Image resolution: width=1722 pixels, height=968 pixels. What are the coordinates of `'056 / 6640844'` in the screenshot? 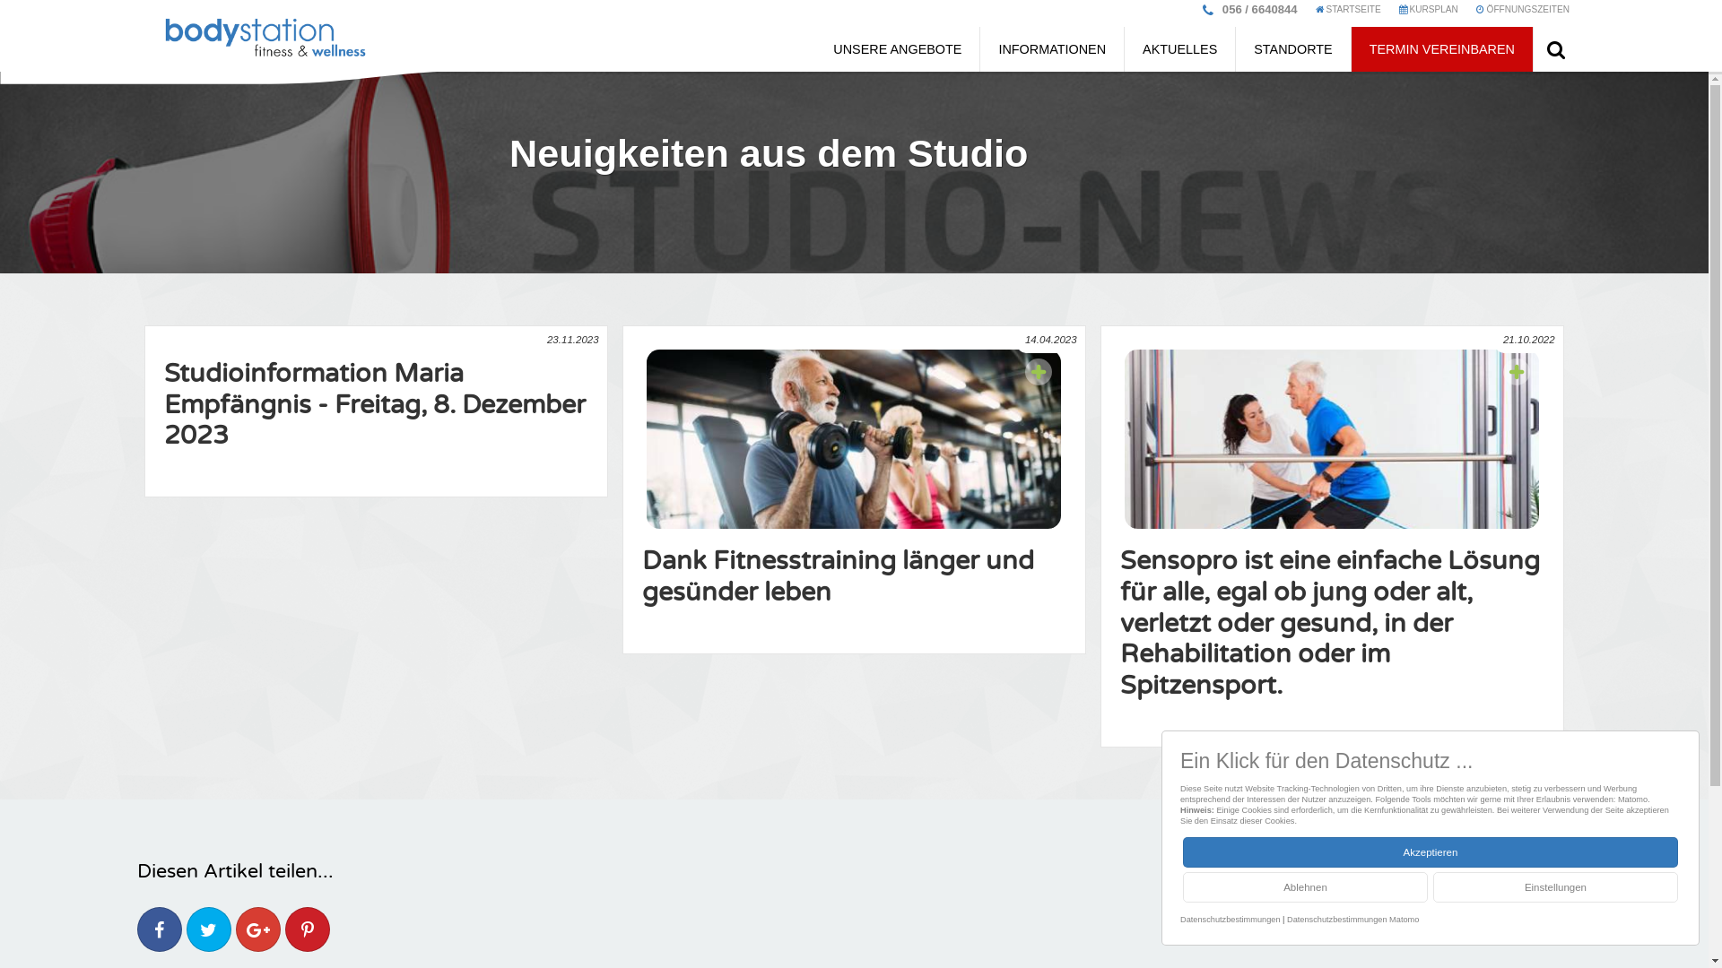 It's located at (1213, 9).